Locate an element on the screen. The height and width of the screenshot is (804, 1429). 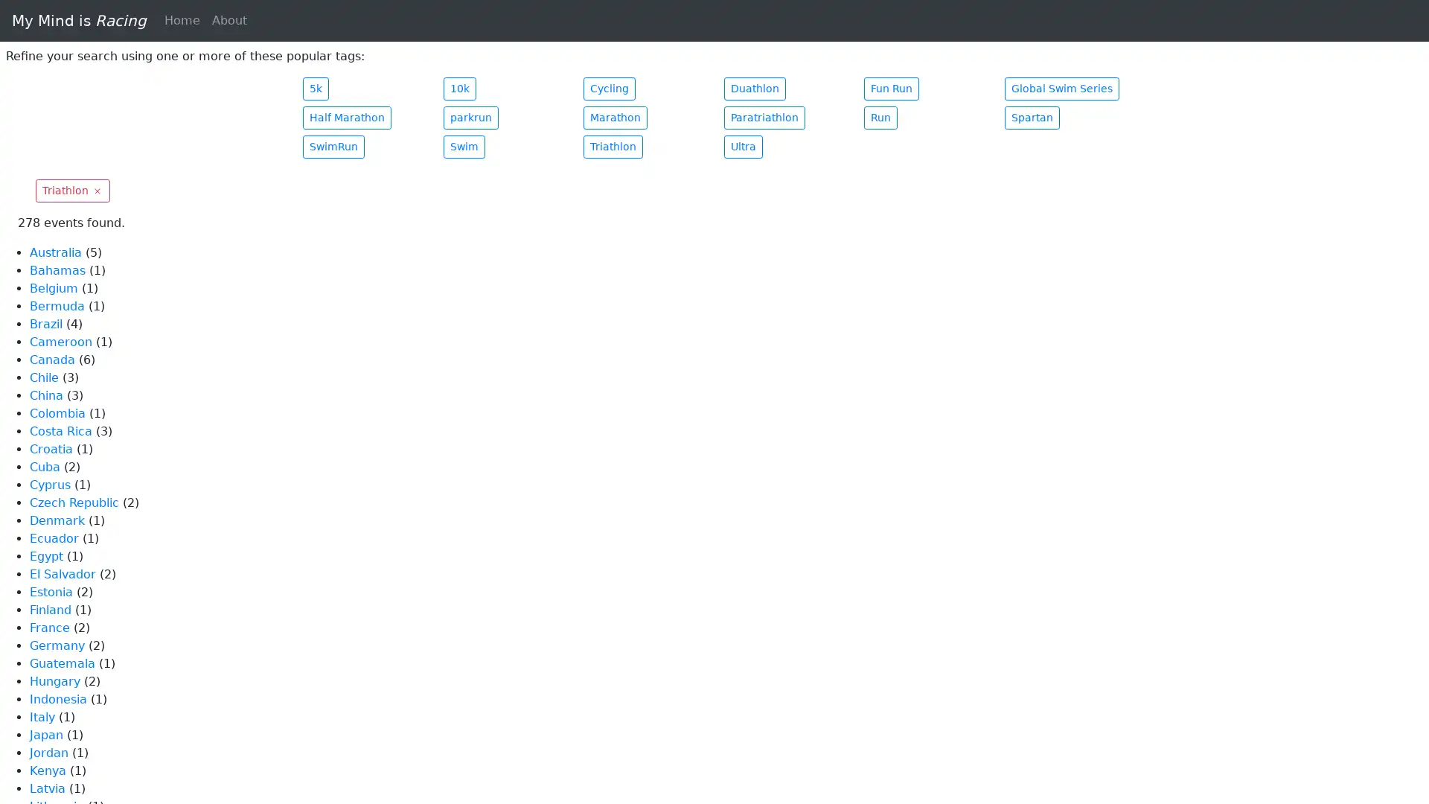
Ultra is located at coordinates (743, 147).